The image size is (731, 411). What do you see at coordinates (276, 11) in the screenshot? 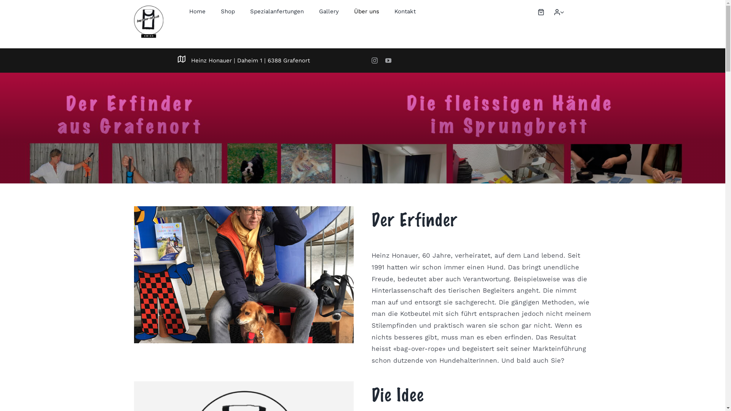
I see `'Spezialanfertungen'` at bounding box center [276, 11].